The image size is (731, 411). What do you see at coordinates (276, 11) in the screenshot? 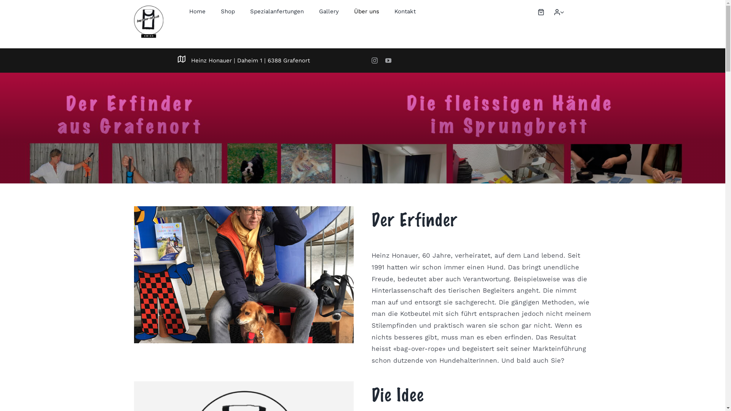
I see `'Spezialanfertungen'` at bounding box center [276, 11].